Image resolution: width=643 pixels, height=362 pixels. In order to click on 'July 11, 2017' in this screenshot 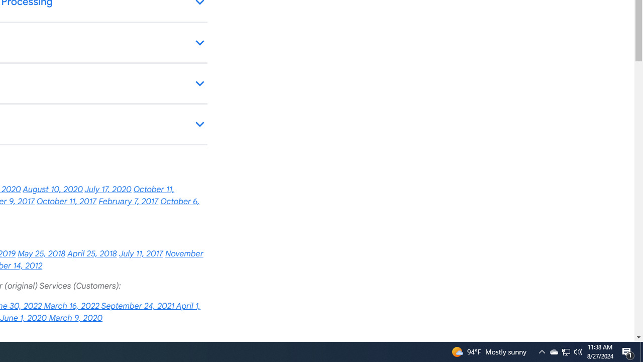, I will do `click(140, 253)`.